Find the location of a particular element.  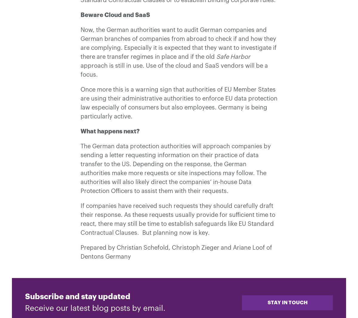

'Receive our latest blog posts by email.' is located at coordinates (95, 308).